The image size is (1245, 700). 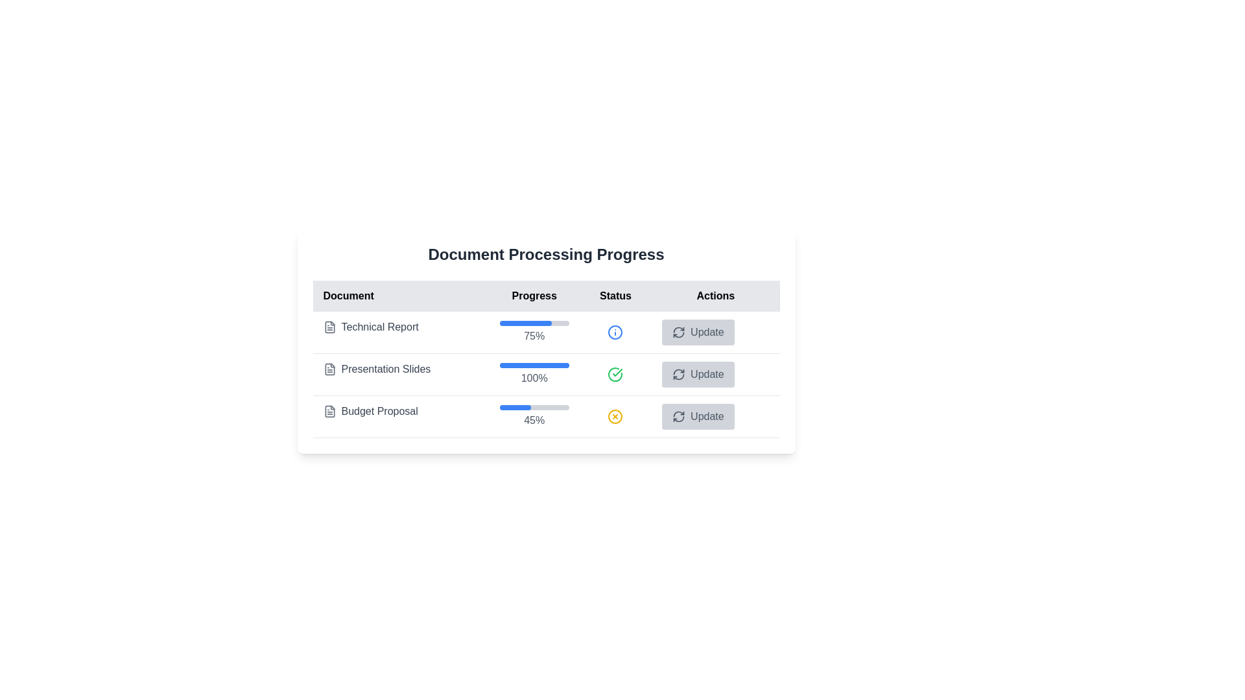 I want to click on progress percentage displayed in the Progress bar associated with the 'Budget Proposal' process, located in the 'Progress' column of the table, so click(x=534, y=417).